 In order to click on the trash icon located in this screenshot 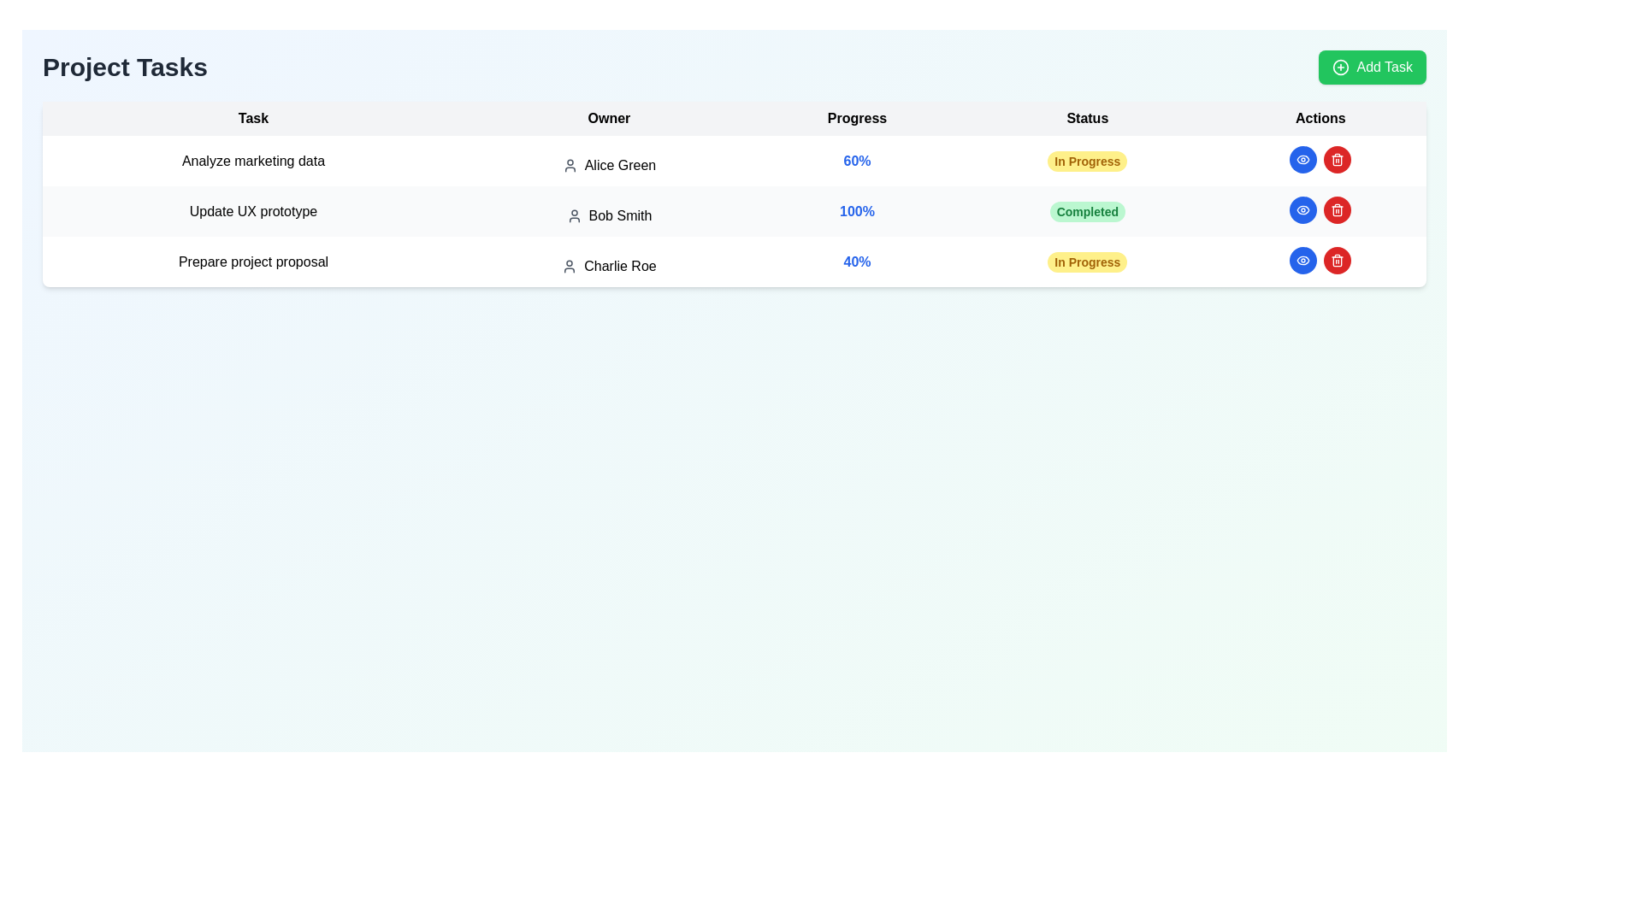, I will do `click(1337, 260)`.